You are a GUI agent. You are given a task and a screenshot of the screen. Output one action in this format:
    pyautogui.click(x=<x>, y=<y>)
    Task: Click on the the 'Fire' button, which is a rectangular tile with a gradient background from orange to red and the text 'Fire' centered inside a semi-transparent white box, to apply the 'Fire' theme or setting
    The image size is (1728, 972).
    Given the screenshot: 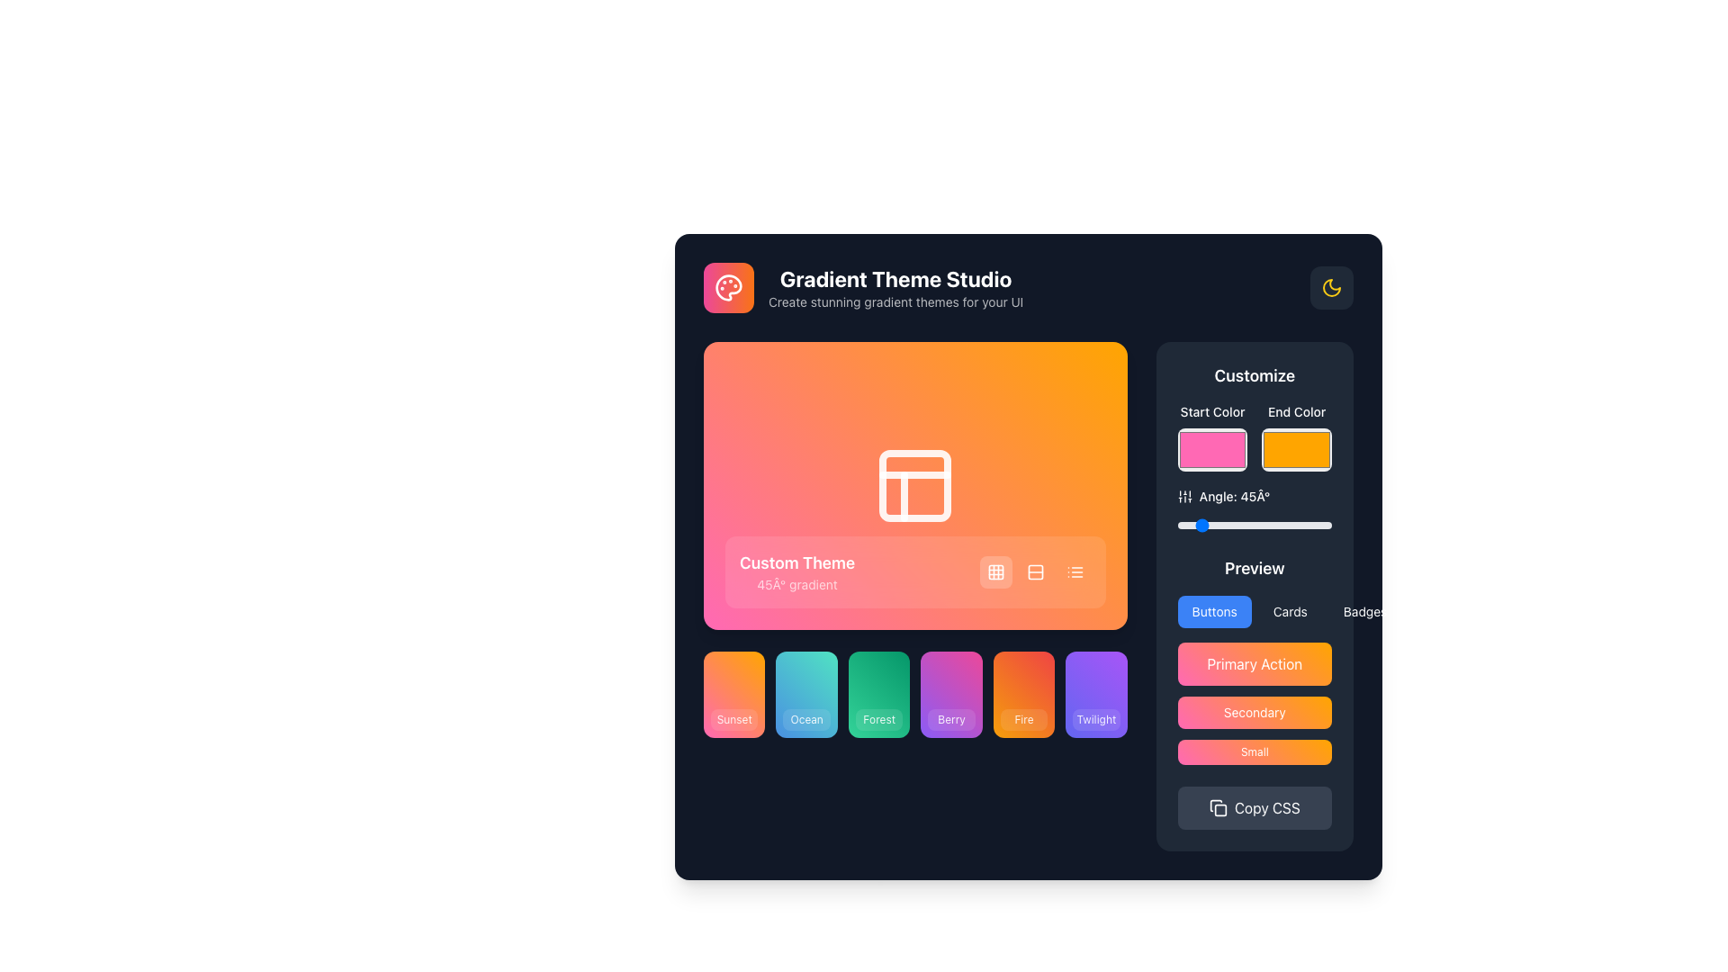 What is the action you would take?
    pyautogui.click(x=1023, y=693)
    